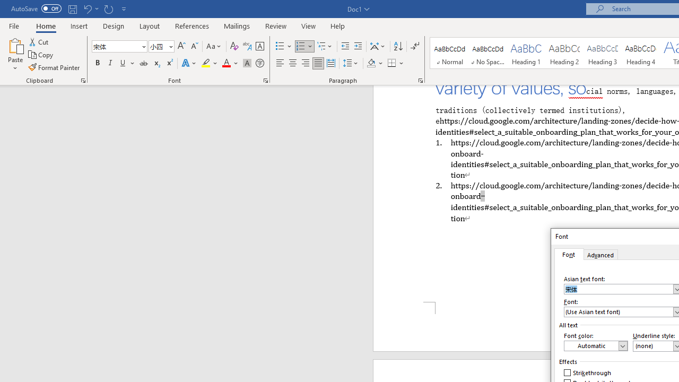 This screenshot has height=382, width=679. I want to click on 'Clear Formatting', so click(234, 46).